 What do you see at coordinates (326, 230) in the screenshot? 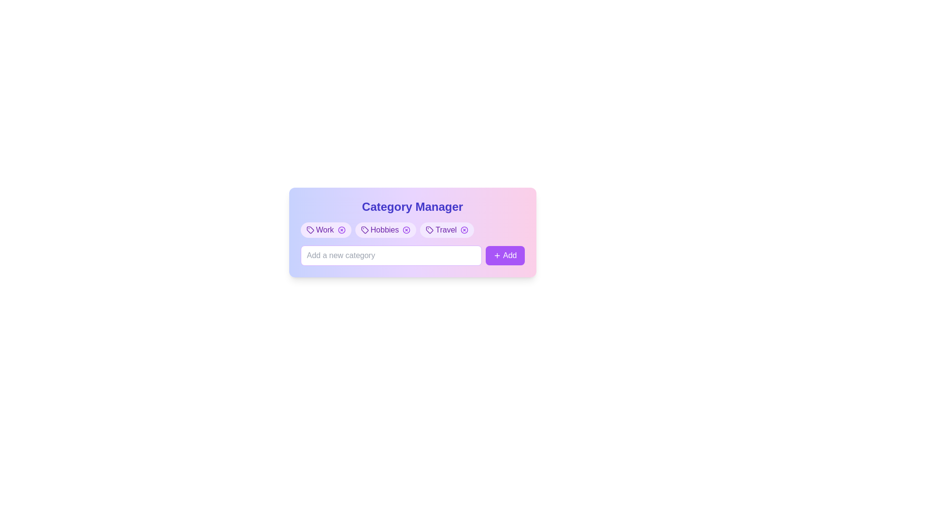
I see `the 'X' icon on the first tag labeled 'Work'` at bounding box center [326, 230].